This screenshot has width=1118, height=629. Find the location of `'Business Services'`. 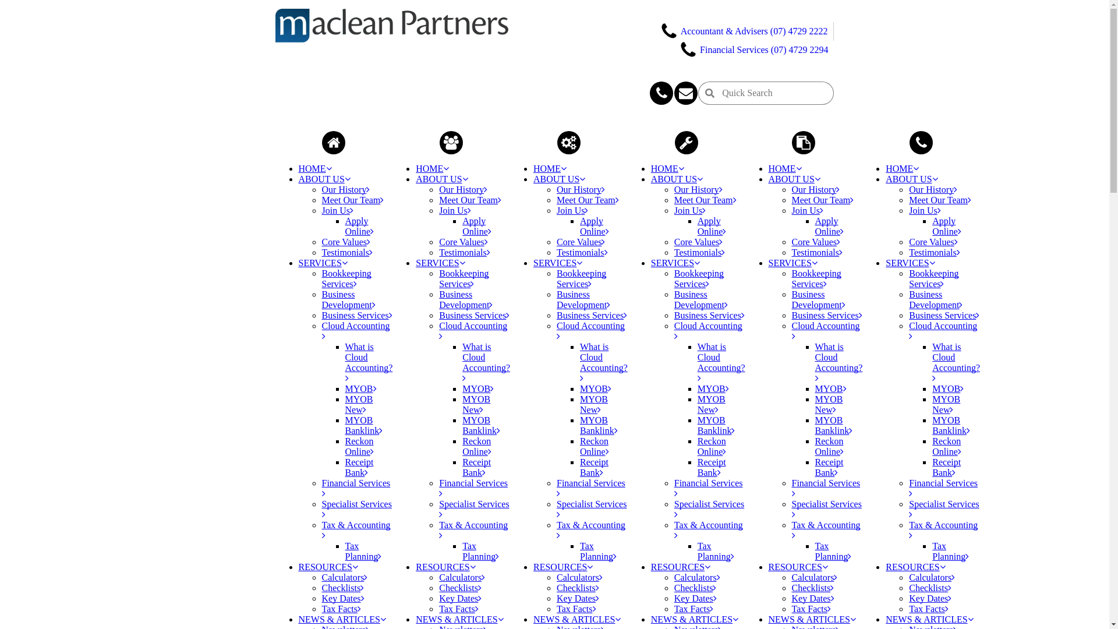

'Business Services' is located at coordinates (826, 315).